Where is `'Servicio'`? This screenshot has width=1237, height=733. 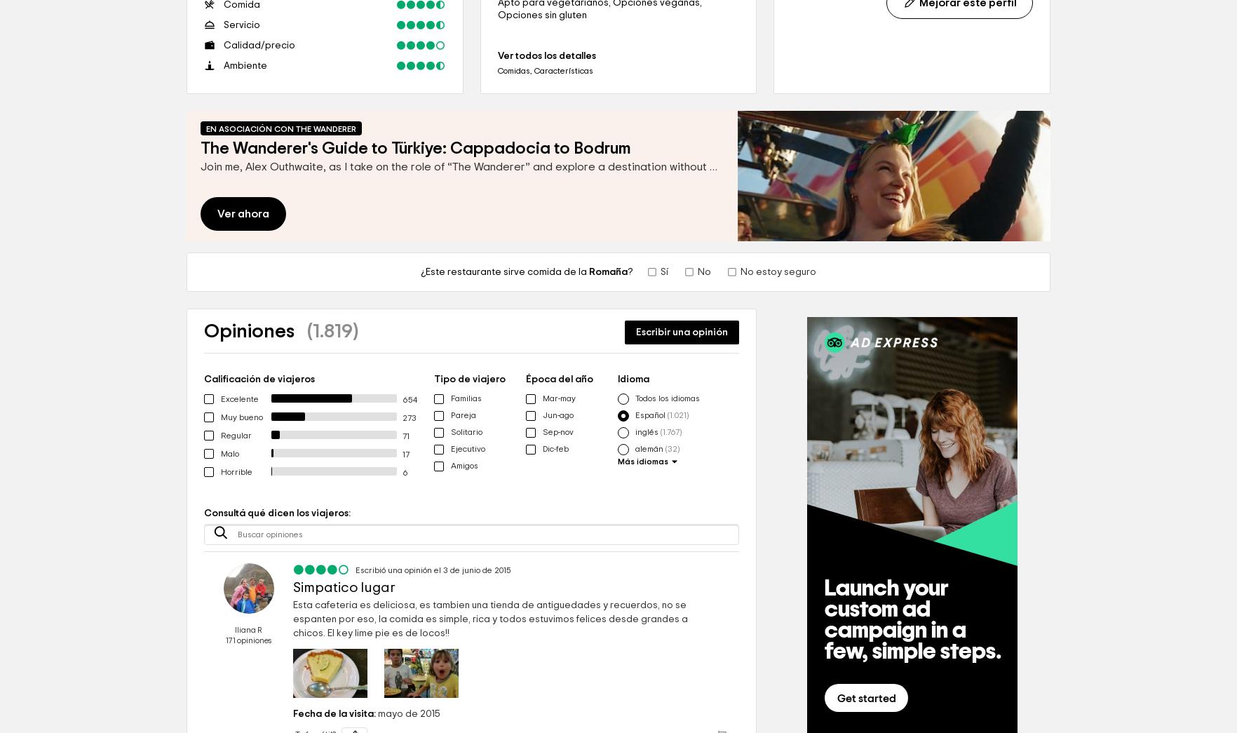
'Servicio' is located at coordinates (223, 24).